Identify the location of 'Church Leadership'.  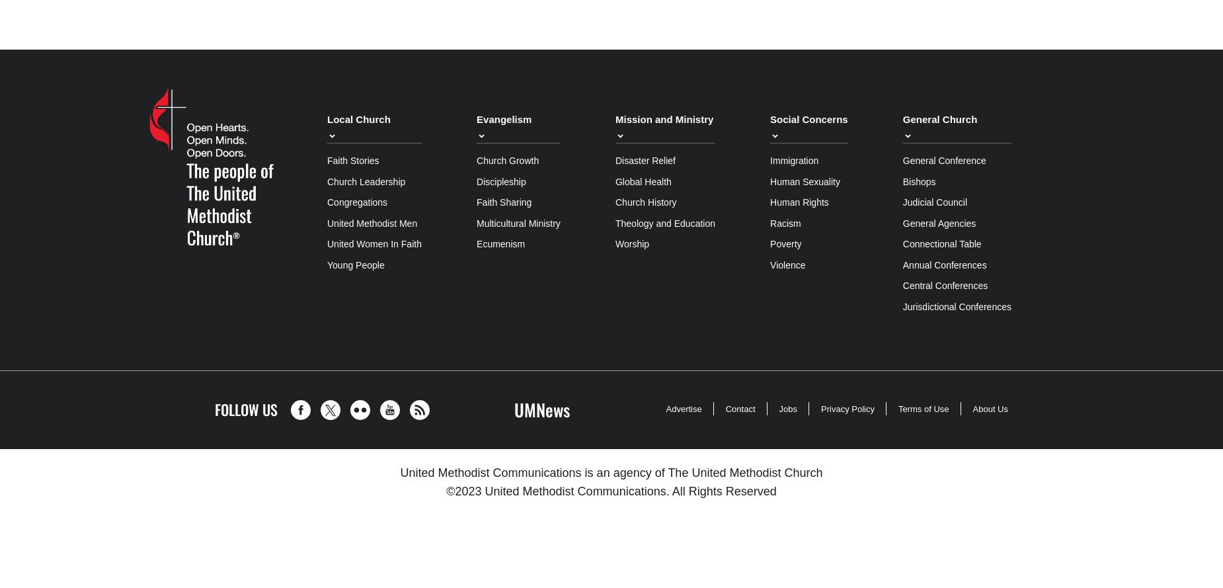
(366, 181).